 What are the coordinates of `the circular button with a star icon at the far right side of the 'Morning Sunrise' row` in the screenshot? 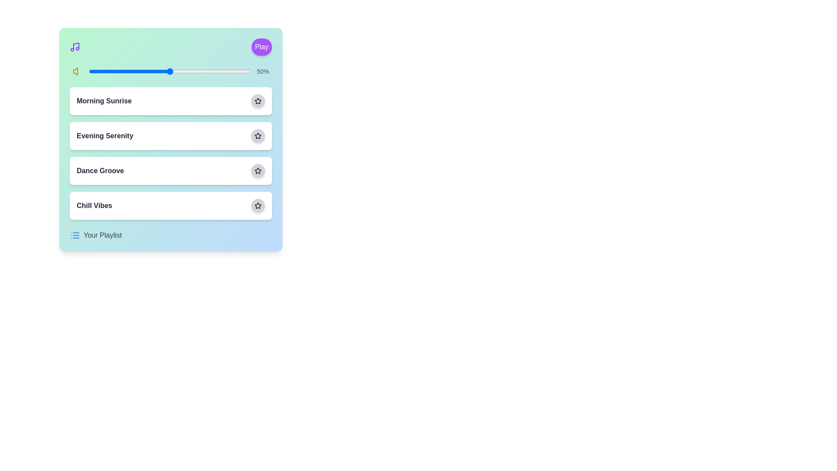 It's located at (257, 100).